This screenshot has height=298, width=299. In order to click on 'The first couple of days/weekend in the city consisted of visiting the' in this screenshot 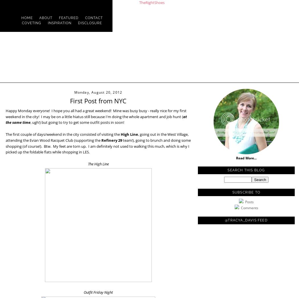, I will do `click(63, 134)`.